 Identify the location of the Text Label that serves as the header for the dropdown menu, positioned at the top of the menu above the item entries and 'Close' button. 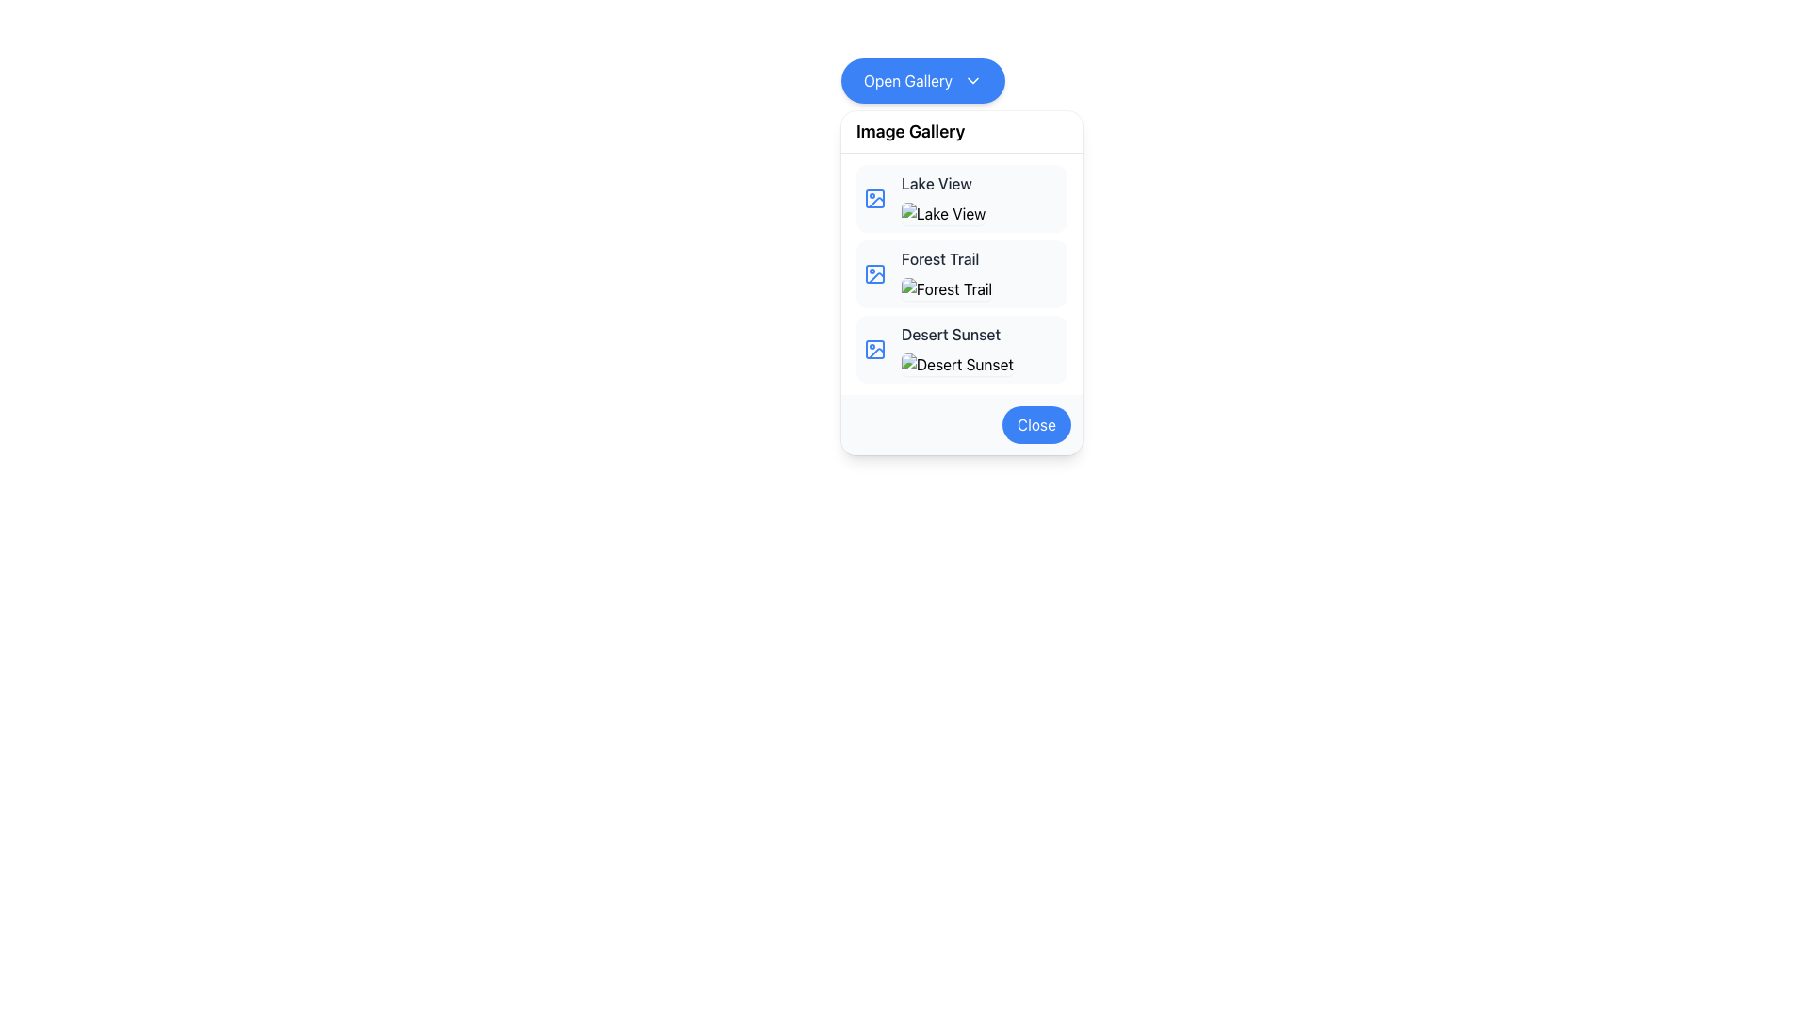
(961, 131).